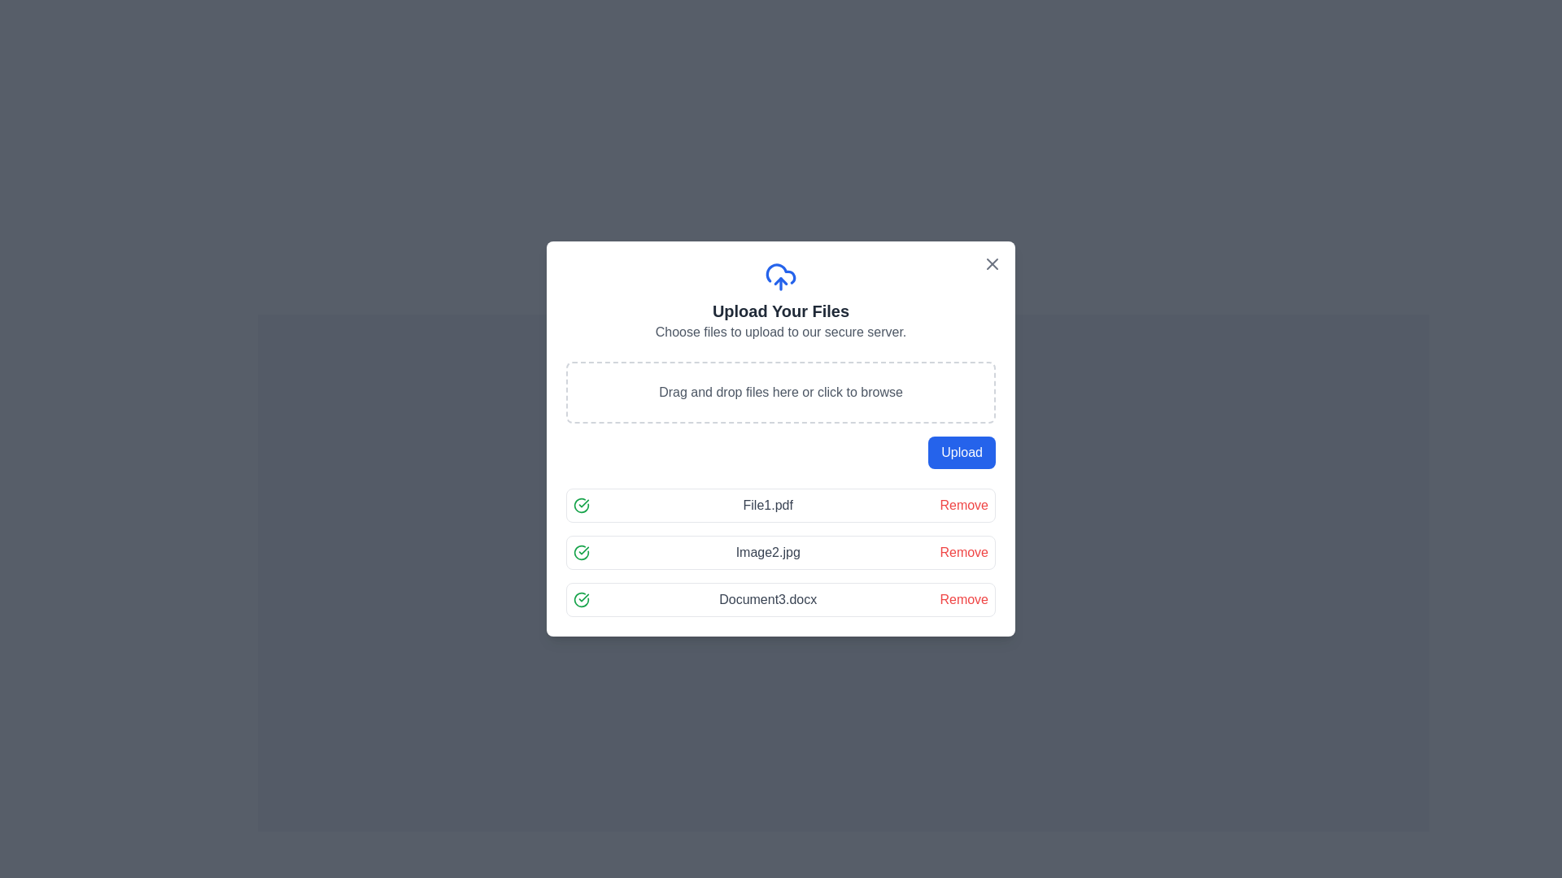 This screenshot has height=878, width=1562. Describe the element at coordinates (781, 392) in the screenshot. I see `the drag-and-drop file upload area located below the heading 'Upload Your Files' and above the 'Upload' button` at that location.